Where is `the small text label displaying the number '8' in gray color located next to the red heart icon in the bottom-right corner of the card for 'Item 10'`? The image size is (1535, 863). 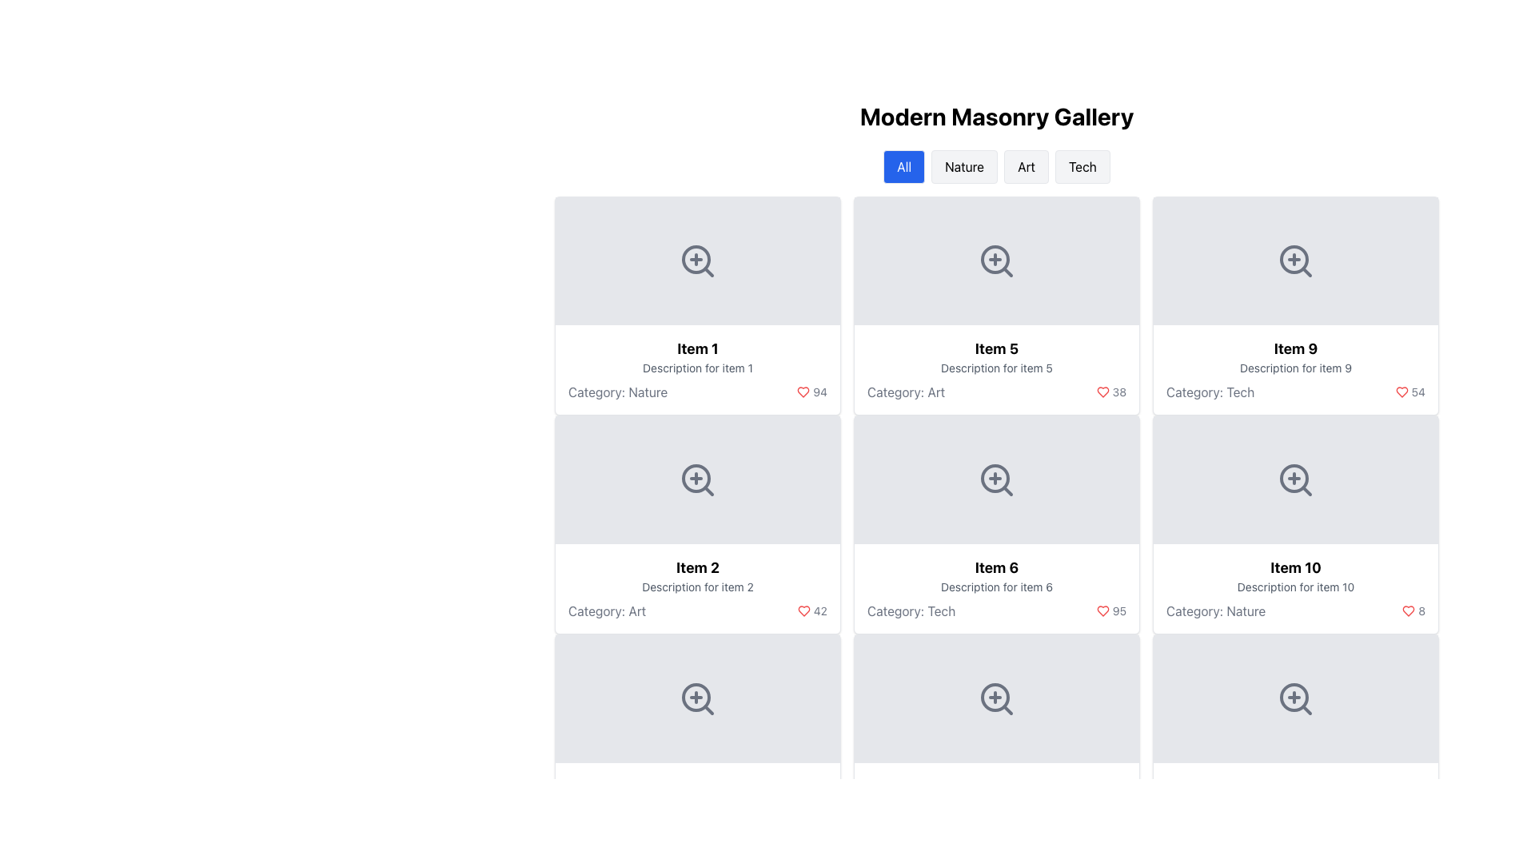 the small text label displaying the number '8' in gray color located next to the red heart icon in the bottom-right corner of the card for 'Item 10' is located at coordinates (1421, 610).